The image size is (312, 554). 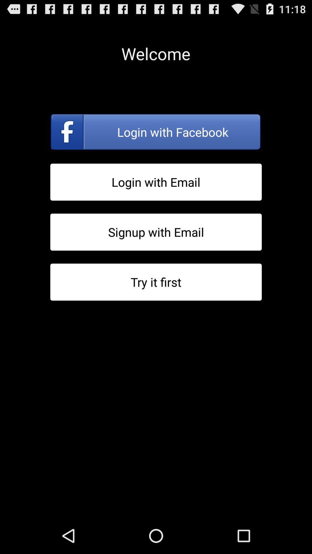 I want to click on item below the welcome item, so click(x=156, y=132).